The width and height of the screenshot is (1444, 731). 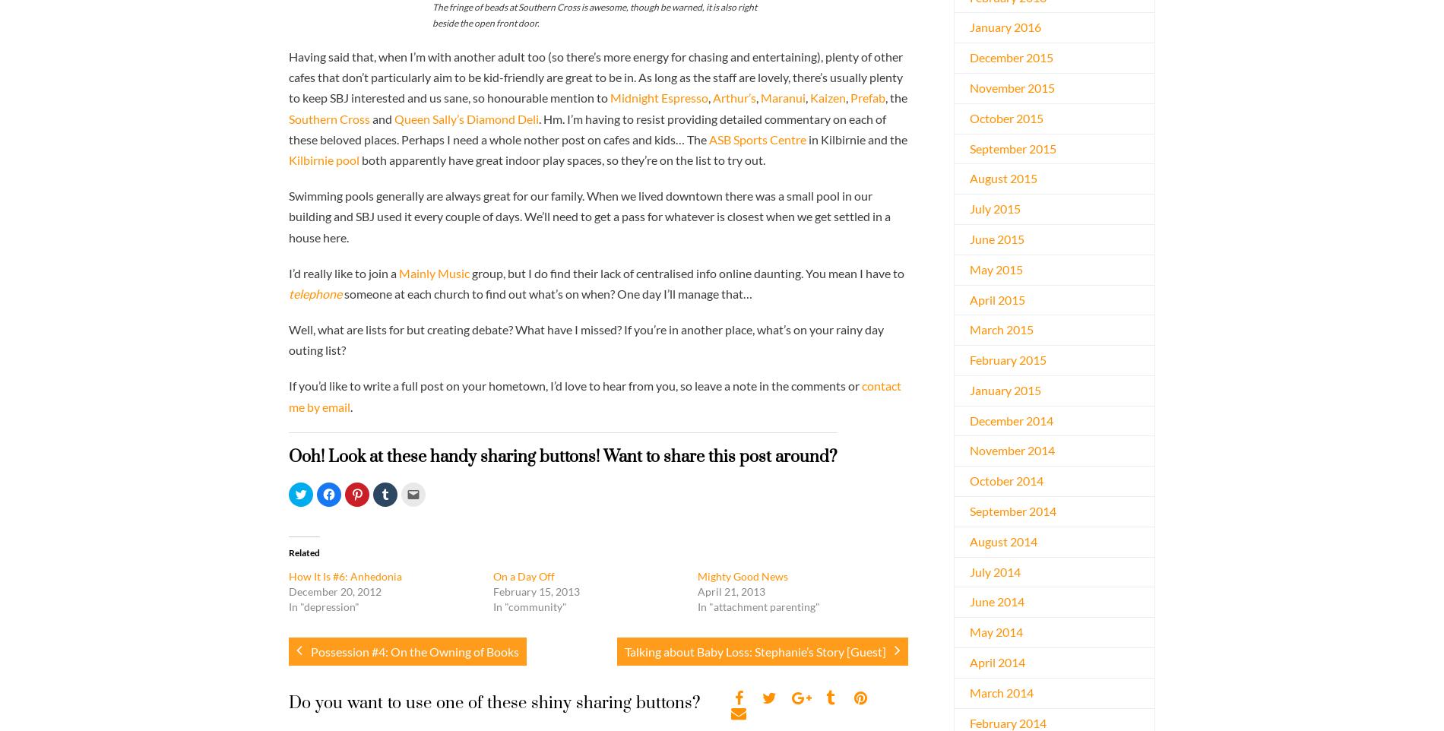 What do you see at coordinates (1002, 540) in the screenshot?
I see `'August 2014'` at bounding box center [1002, 540].